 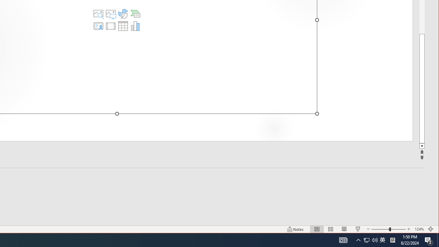 I want to click on 'Stock Images', so click(x=98, y=13).